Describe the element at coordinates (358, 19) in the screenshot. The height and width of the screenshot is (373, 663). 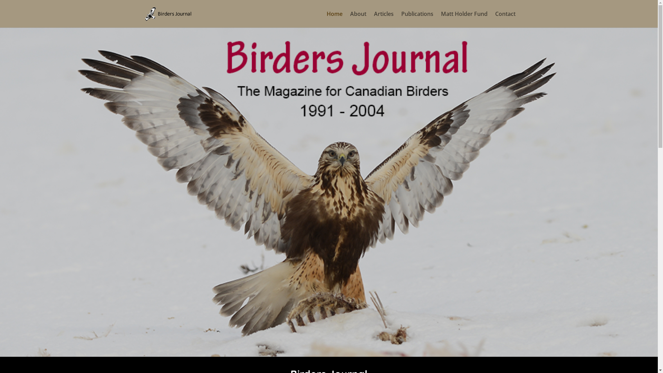
I see `'About'` at that location.